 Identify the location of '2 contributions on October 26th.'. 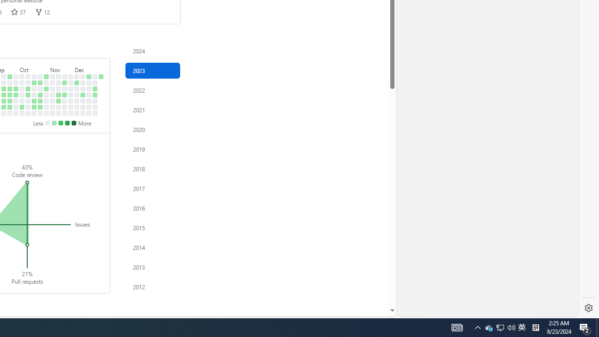
(40, 101).